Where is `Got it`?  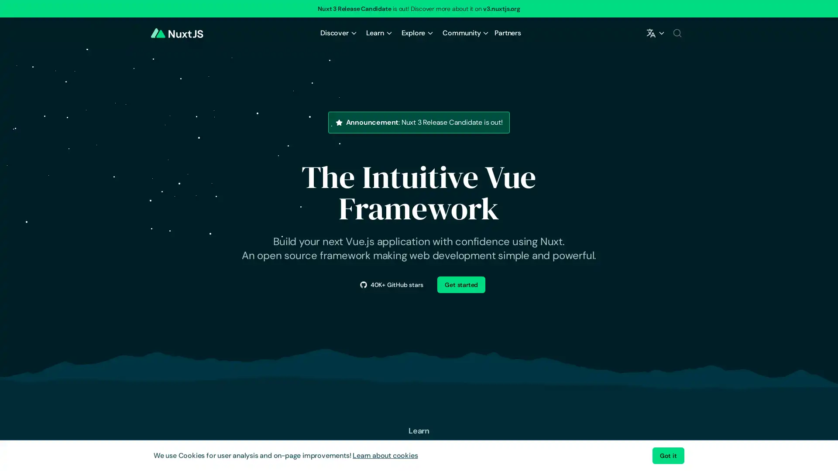
Got it is located at coordinates (668, 455).